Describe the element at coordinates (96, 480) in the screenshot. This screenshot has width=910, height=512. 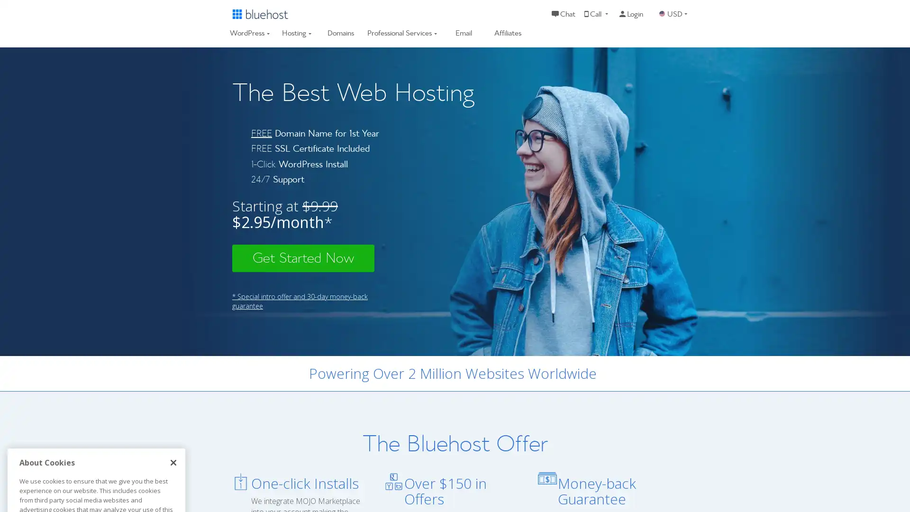
I see `Cookies Settings` at that location.